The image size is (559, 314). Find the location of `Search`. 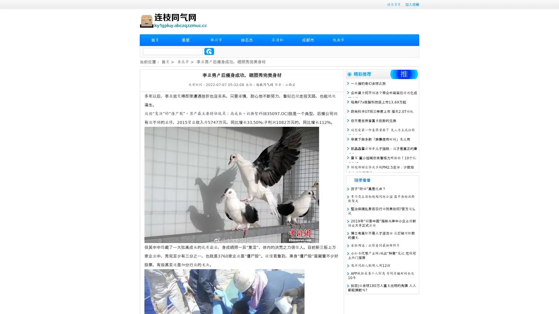

Search is located at coordinates (209, 51).